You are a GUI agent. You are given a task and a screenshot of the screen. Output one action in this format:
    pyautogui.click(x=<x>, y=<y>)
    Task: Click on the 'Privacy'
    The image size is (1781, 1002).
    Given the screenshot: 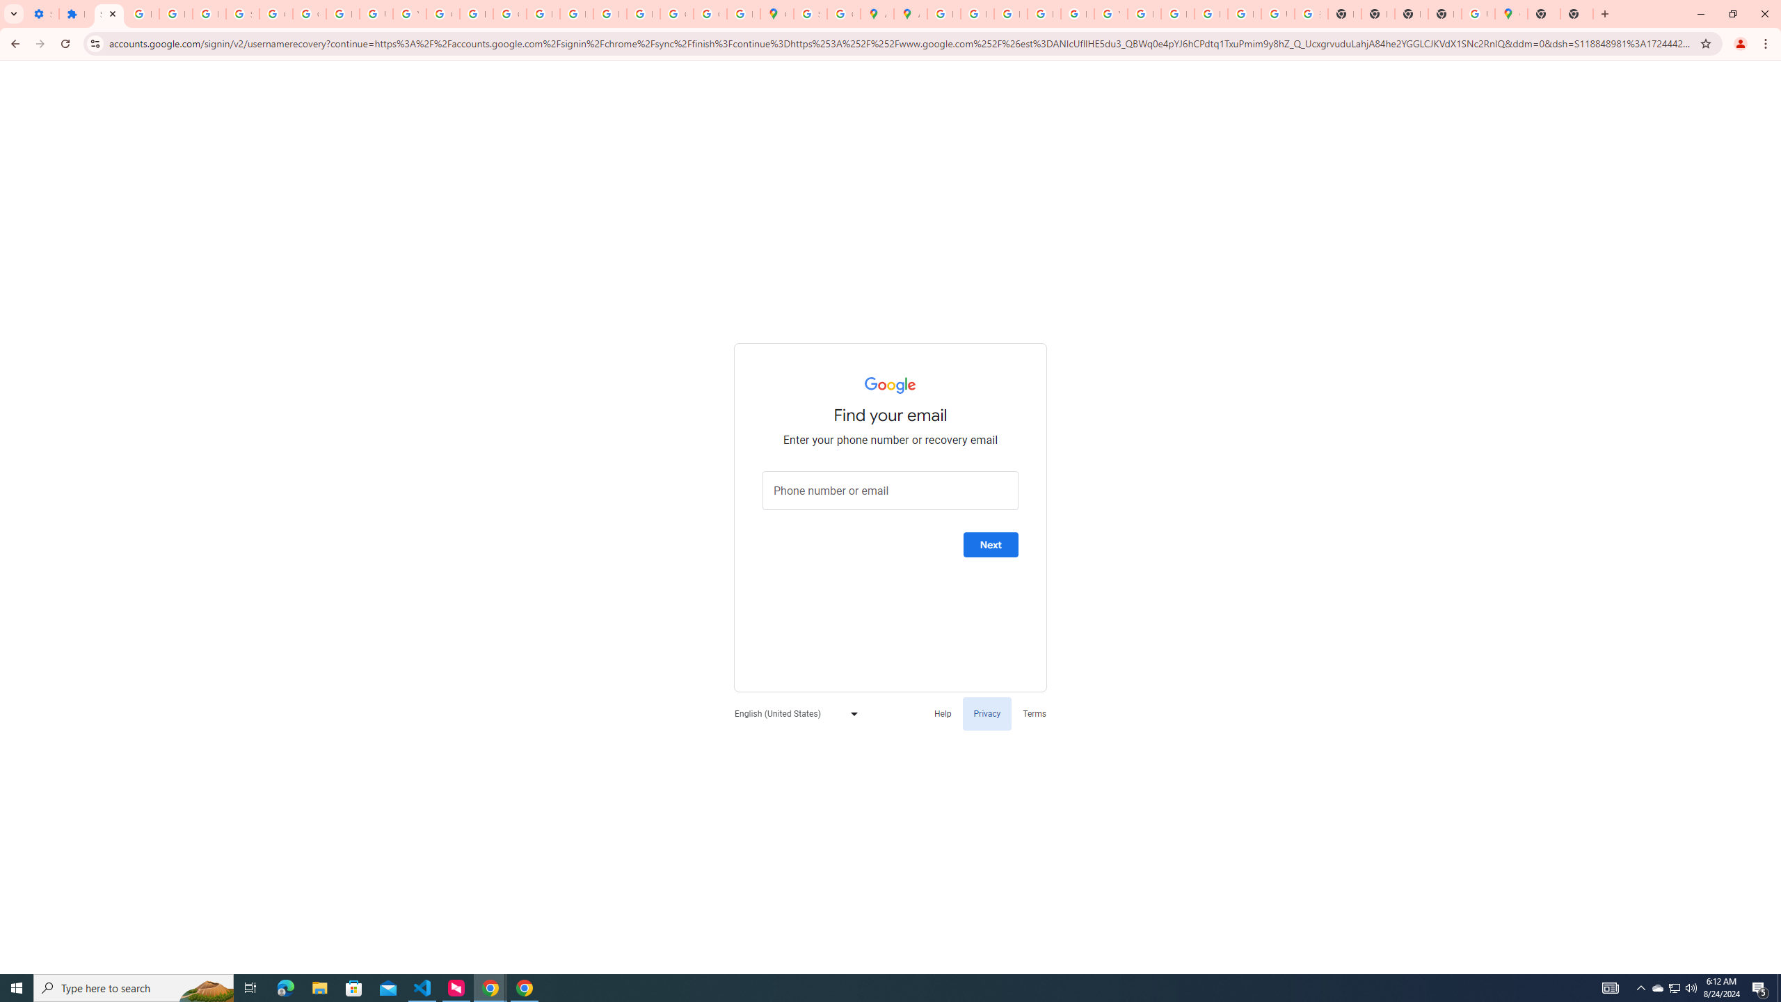 What is the action you would take?
    pyautogui.click(x=987, y=713)
    